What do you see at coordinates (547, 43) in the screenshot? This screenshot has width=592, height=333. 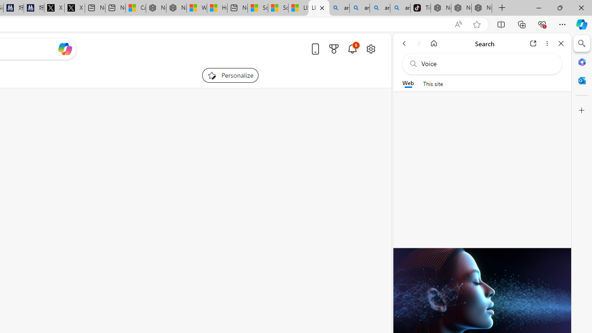 I see `'More options'` at bounding box center [547, 43].